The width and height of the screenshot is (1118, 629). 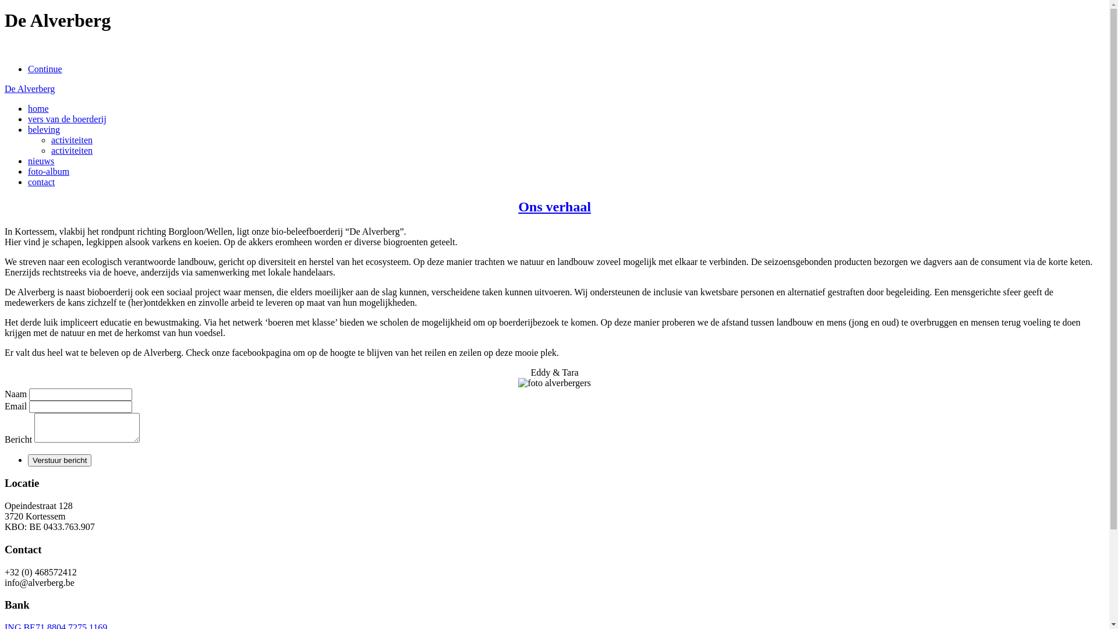 I want to click on 'Verstuur bericht', so click(x=28, y=460).